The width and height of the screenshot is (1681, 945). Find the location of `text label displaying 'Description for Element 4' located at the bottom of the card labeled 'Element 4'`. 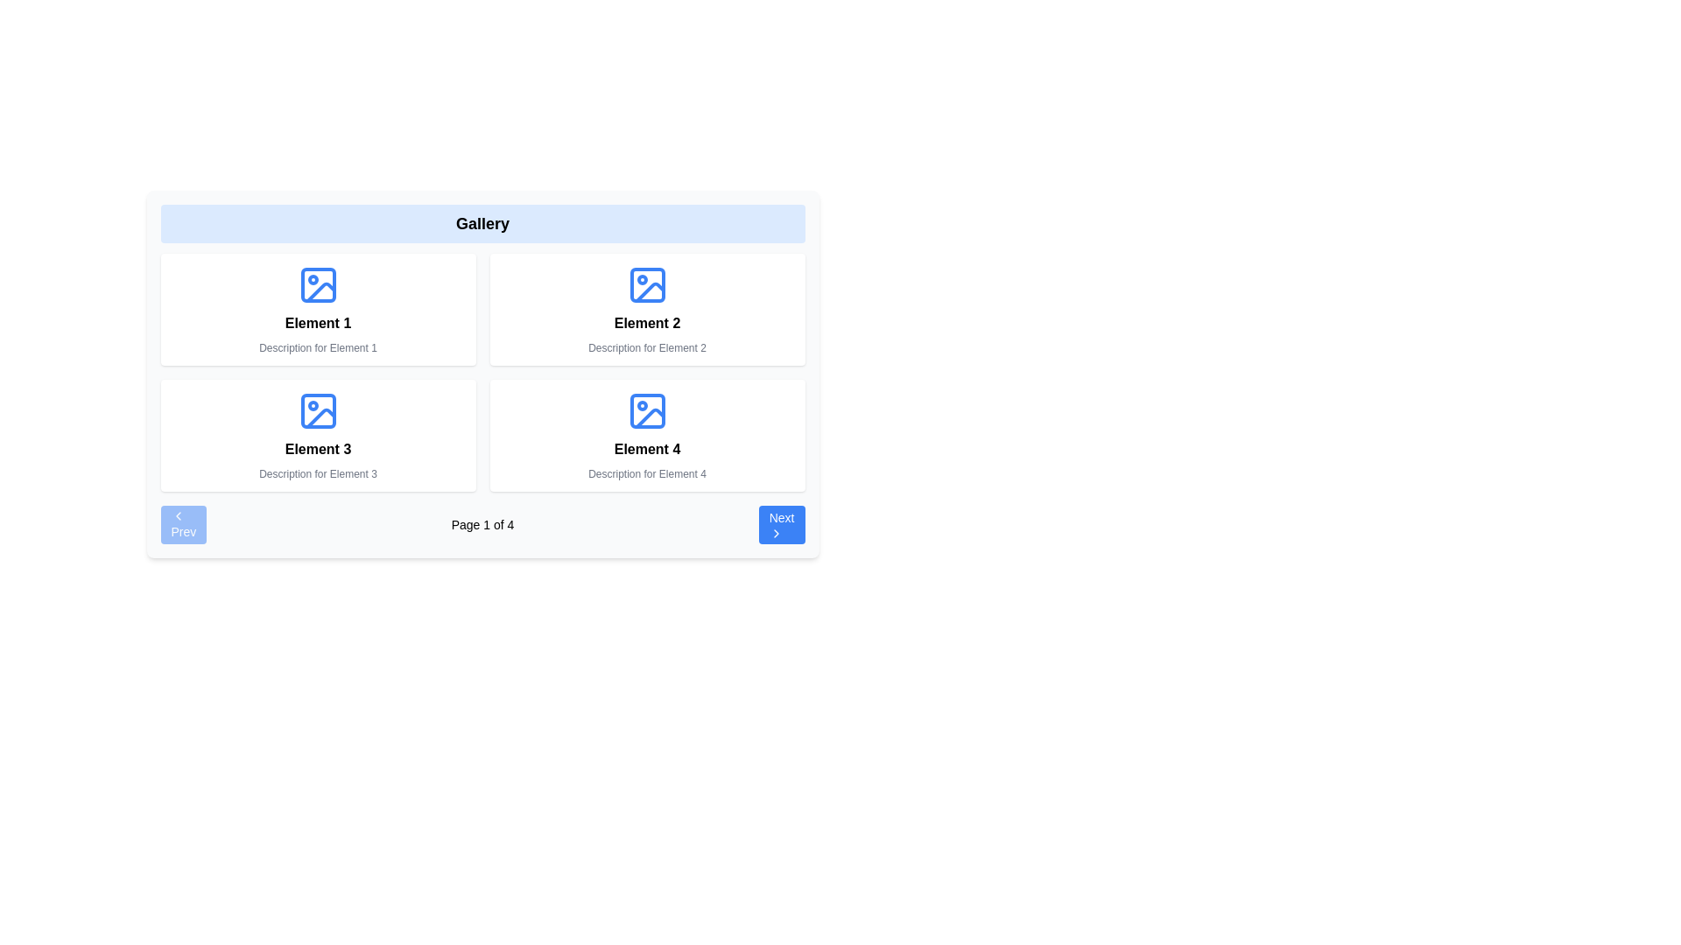

text label displaying 'Description for Element 4' located at the bottom of the card labeled 'Element 4' is located at coordinates (646, 474).